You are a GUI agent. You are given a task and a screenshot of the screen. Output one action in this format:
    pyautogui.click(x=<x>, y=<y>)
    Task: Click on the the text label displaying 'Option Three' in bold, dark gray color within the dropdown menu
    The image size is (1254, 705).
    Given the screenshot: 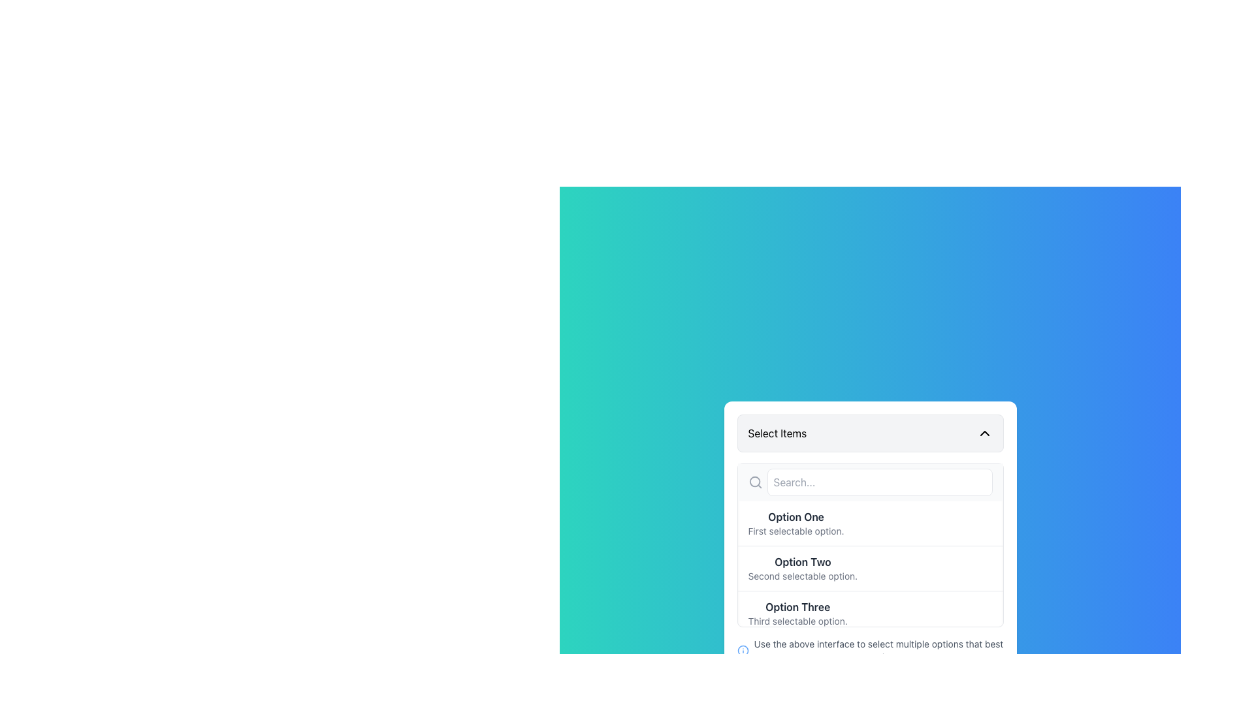 What is the action you would take?
    pyautogui.click(x=797, y=606)
    